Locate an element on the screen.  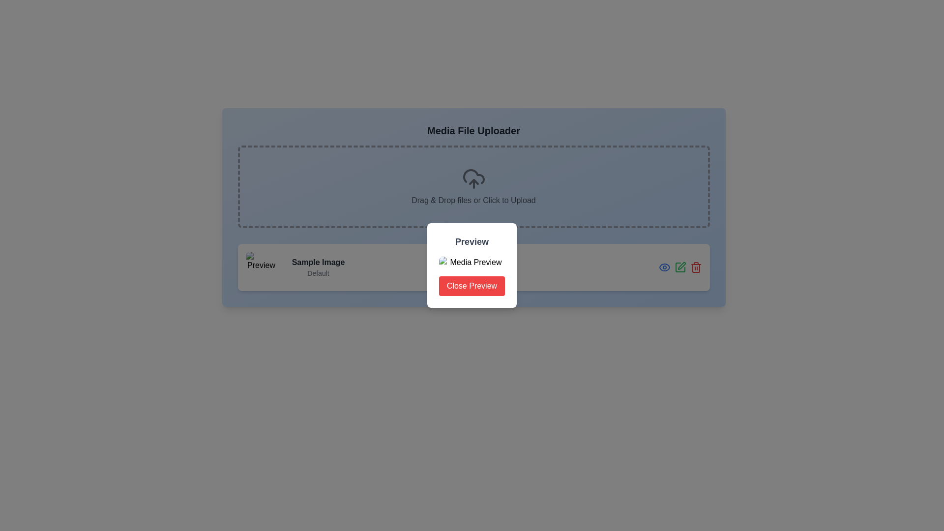
the upload icon is located at coordinates (473, 178).